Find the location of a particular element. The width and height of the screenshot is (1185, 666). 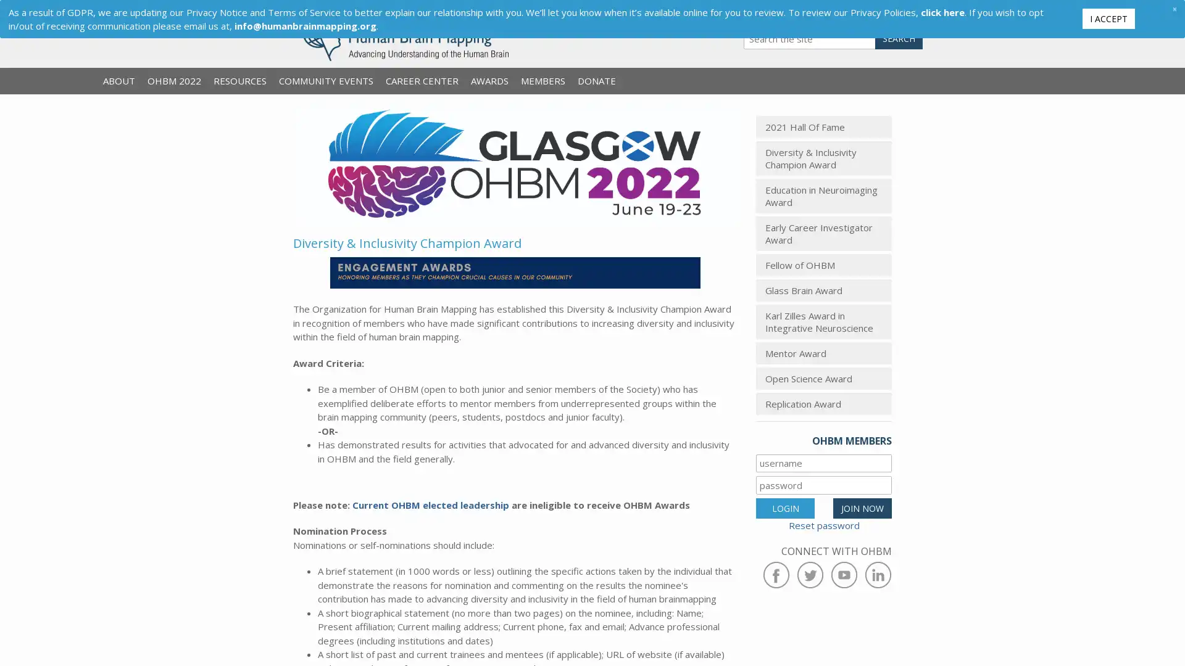

SEARCH is located at coordinates (899, 38).